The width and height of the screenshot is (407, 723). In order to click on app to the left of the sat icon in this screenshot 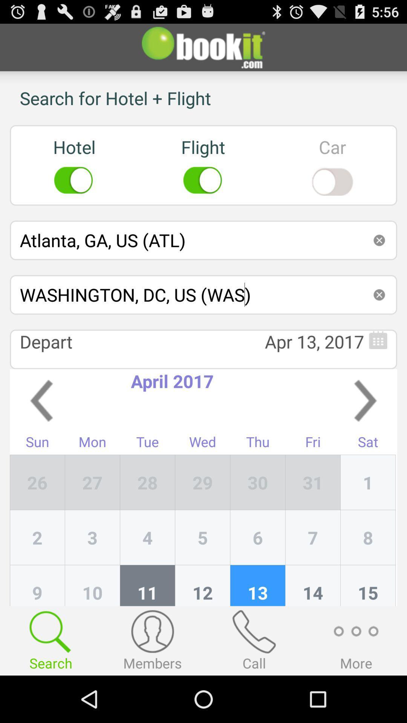, I will do `click(313, 482)`.